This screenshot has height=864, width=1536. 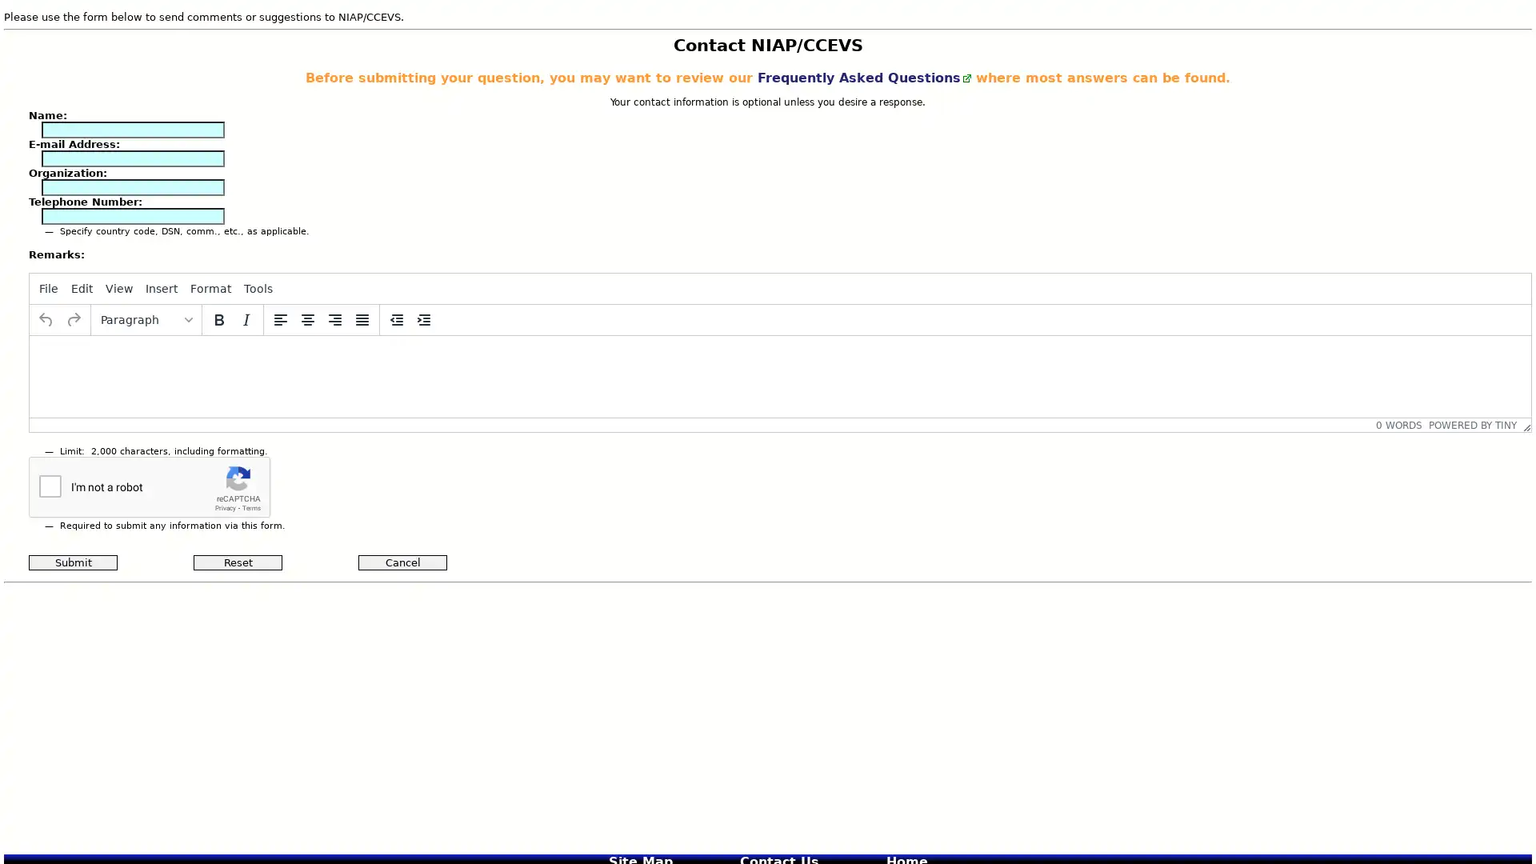 What do you see at coordinates (72, 562) in the screenshot?
I see `Submit` at bounding box center [72, 562].